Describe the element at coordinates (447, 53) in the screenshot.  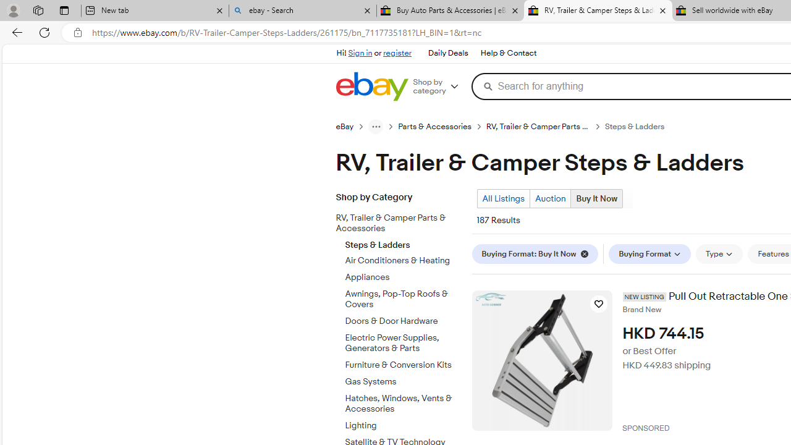
I see `'Daily Deals'` at that location.